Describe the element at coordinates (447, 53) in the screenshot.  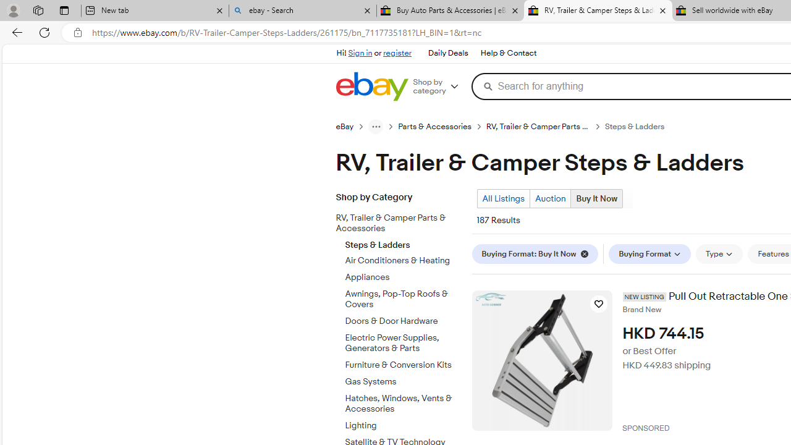
I see `'Daily Deals'` at that location.